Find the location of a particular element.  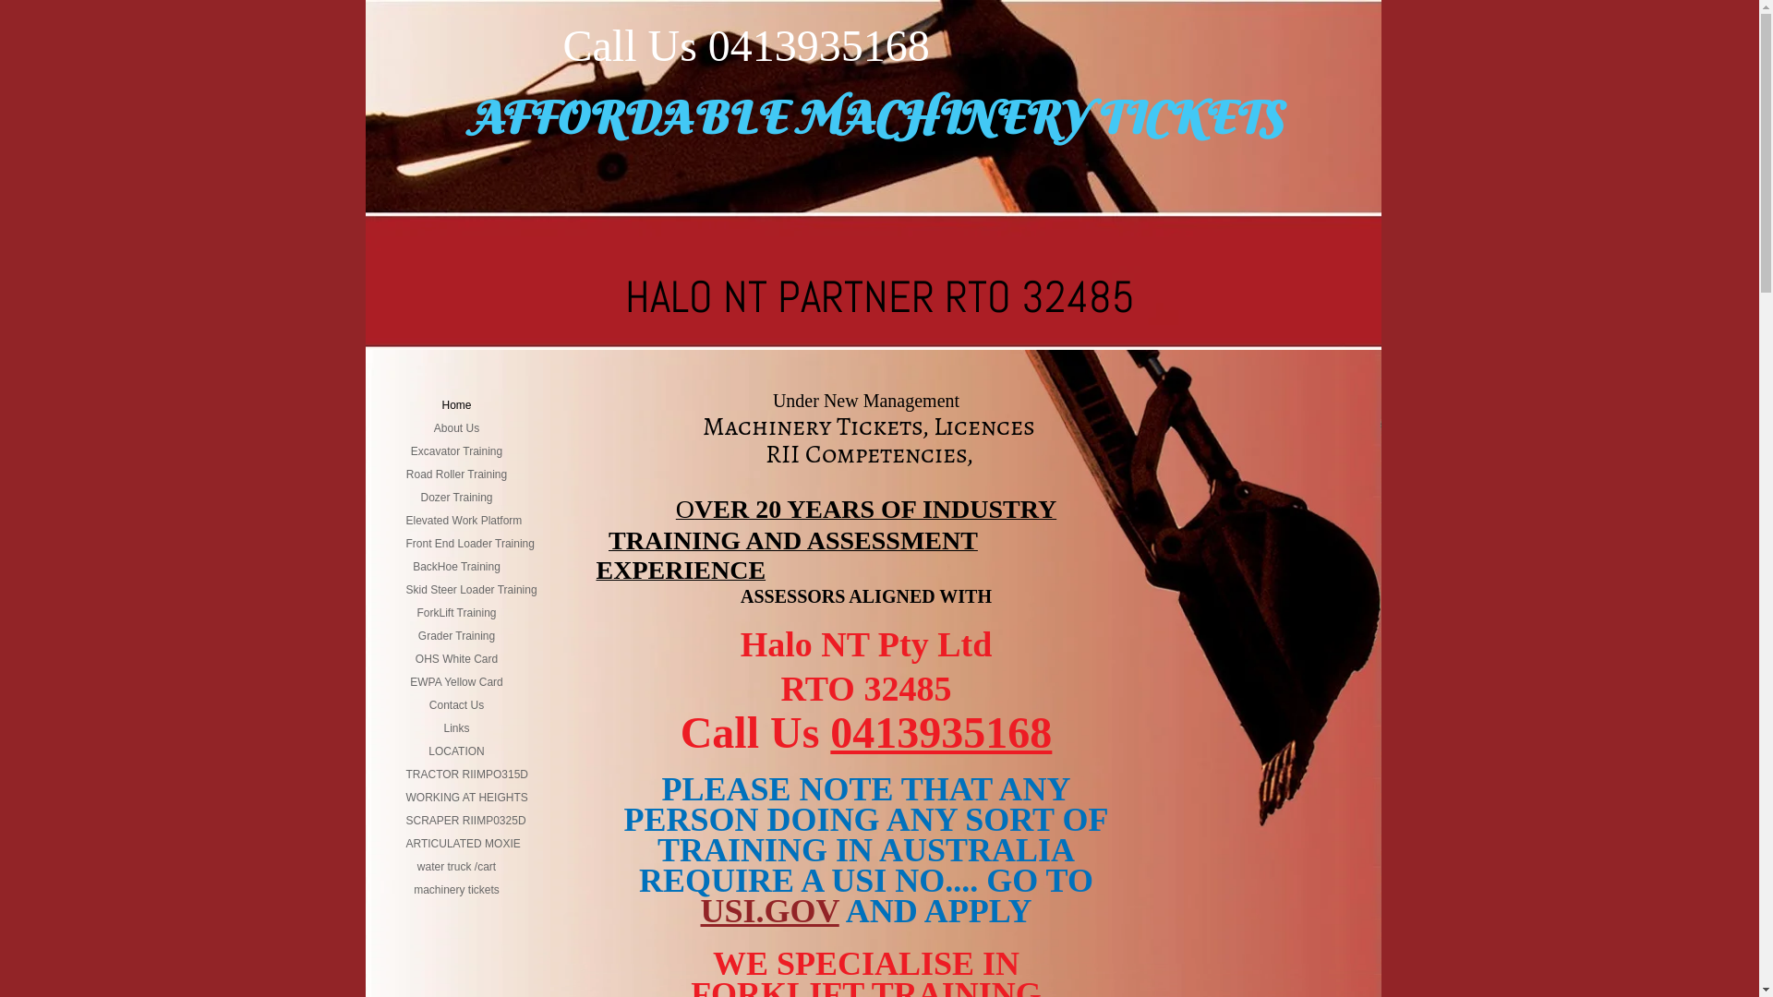

'Excavator Training' is located at coordinates (456, 451).